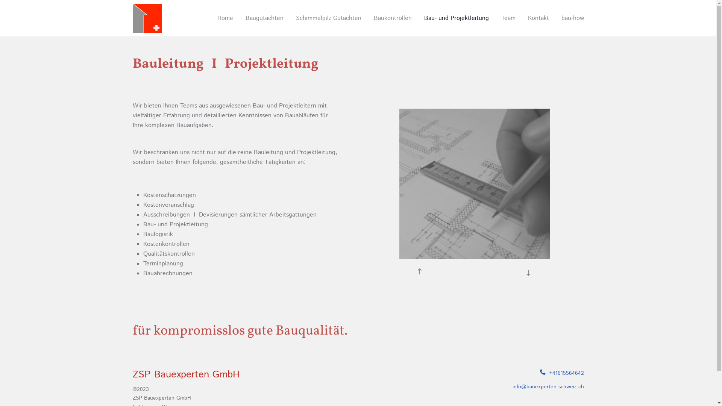 The height and width of the screenshot is (406, 722). Describe the element at coordinates (418, 18) in the screenshot. I see `'Bau- und Projektleitung'` at that location.